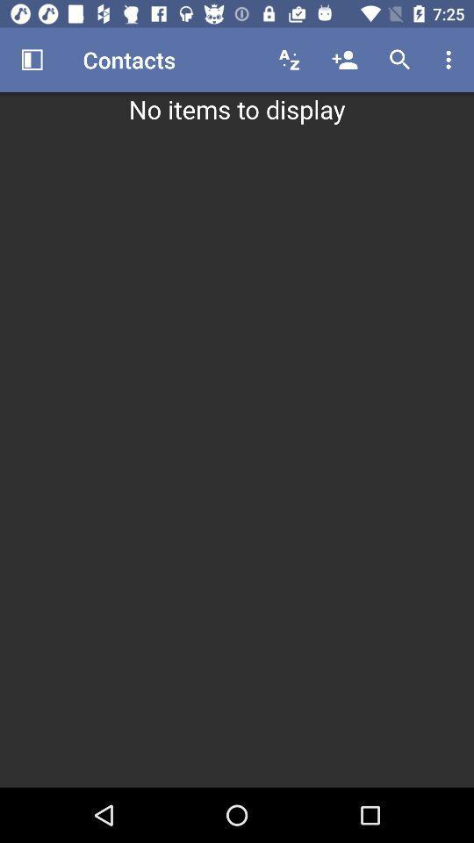 The height and width of the screenshot is (843, 474). I want to click on the item to the right of contacts item, so click(289, 60).